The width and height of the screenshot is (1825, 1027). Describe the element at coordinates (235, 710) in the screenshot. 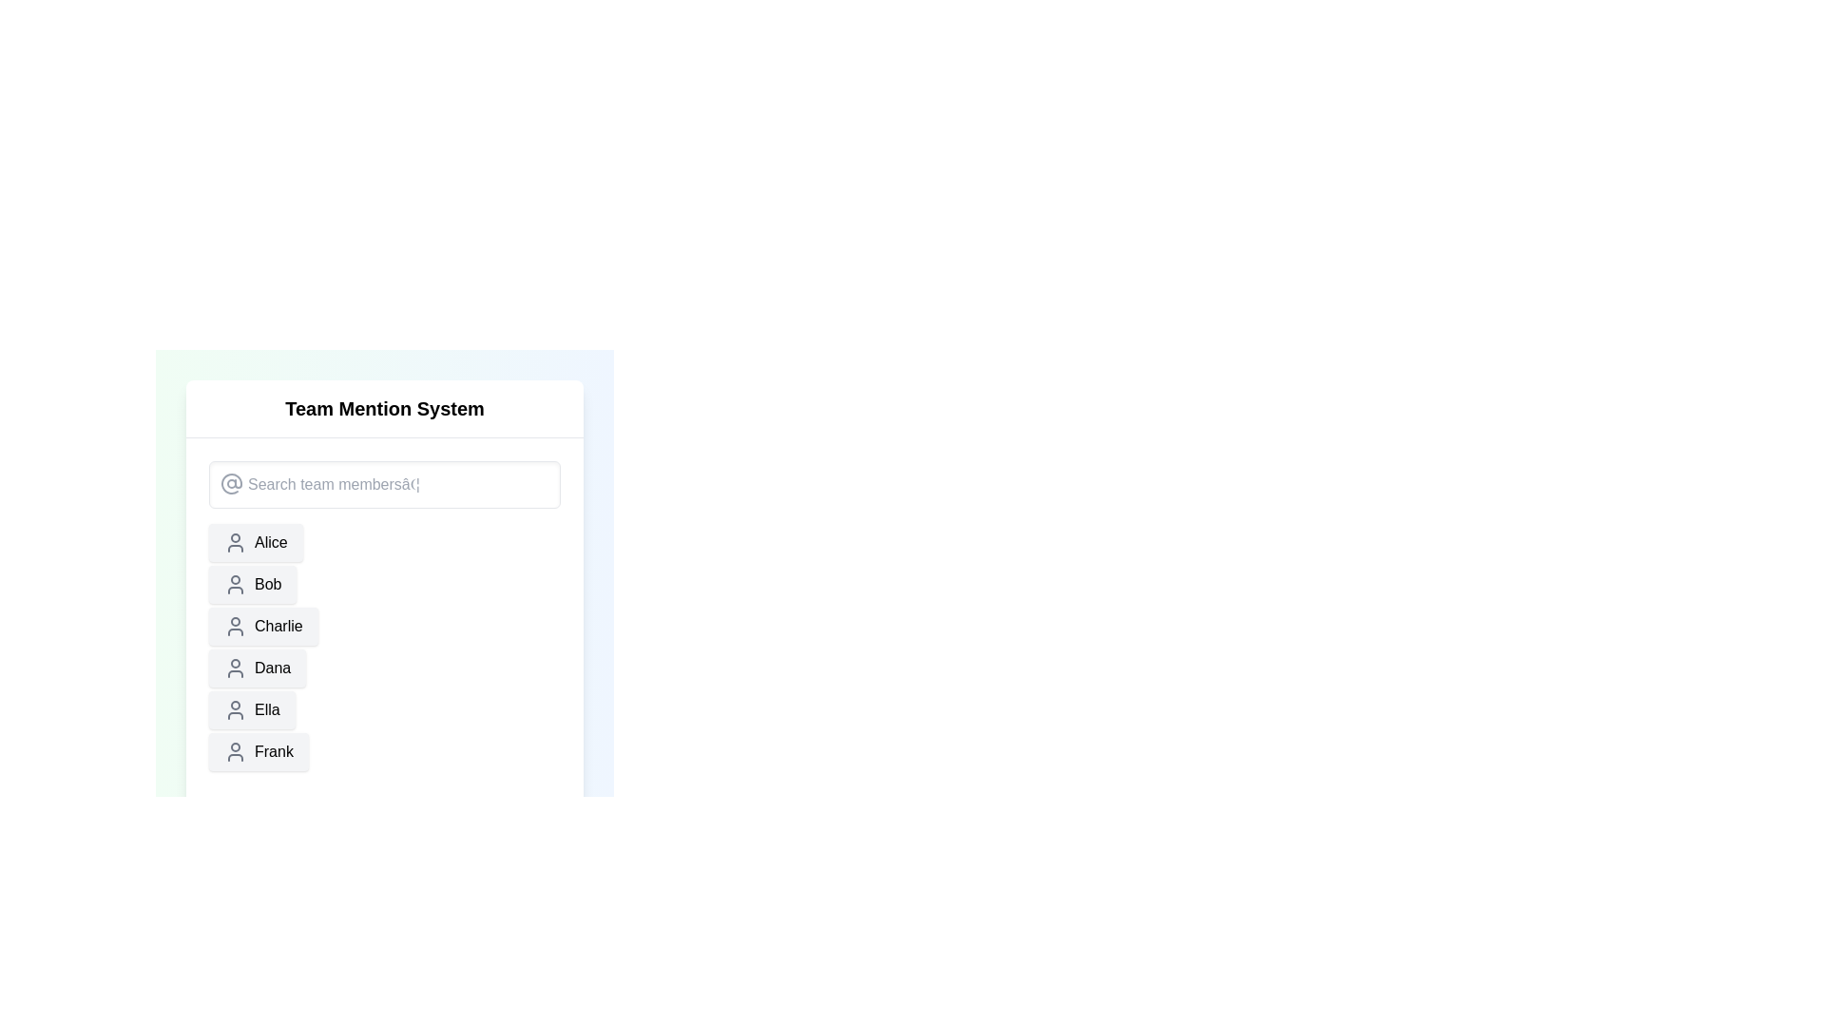

I see `the rounded user icon outlined in medium gray located to the left of the name label 'Ella' in the fifth list item of the user list` at that location.